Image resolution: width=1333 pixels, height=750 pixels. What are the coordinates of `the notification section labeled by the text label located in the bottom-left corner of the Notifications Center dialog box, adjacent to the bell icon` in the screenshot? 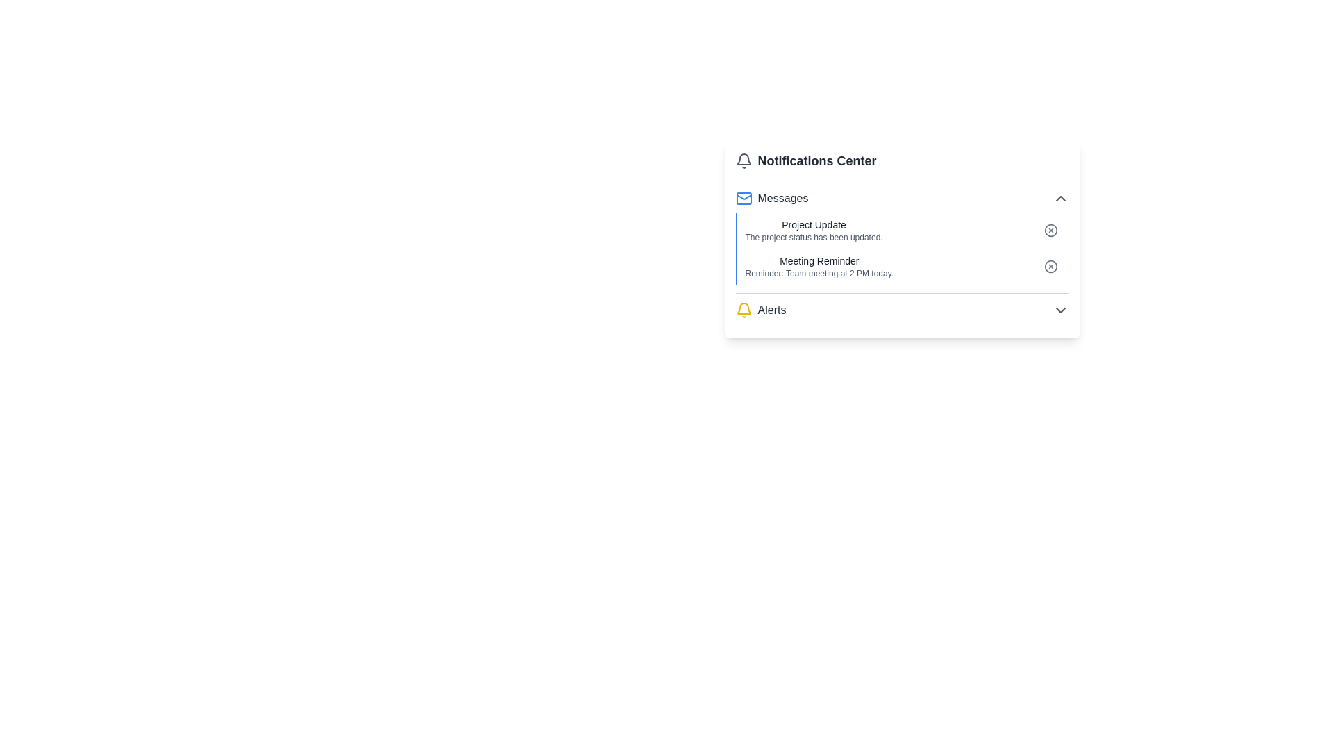 It's located at (771, 310).